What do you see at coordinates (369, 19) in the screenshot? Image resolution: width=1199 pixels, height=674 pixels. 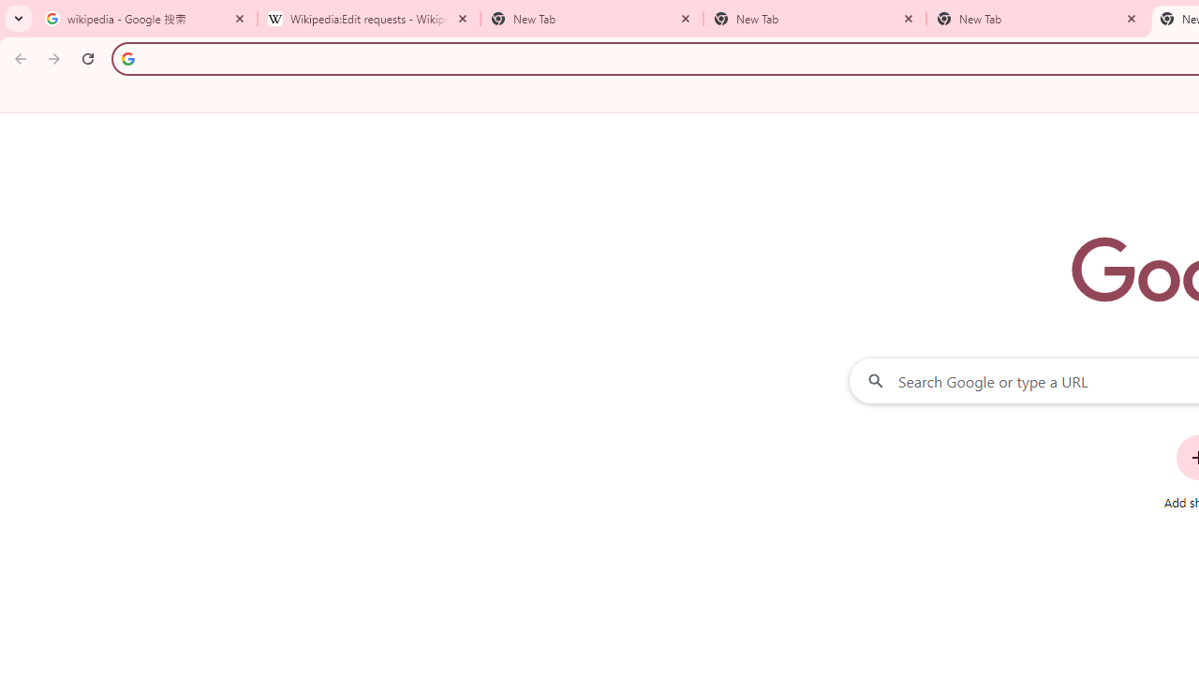 I see `'Wikipedia:Edit requests - Wikipedia'` at bounding box center [369, 19].